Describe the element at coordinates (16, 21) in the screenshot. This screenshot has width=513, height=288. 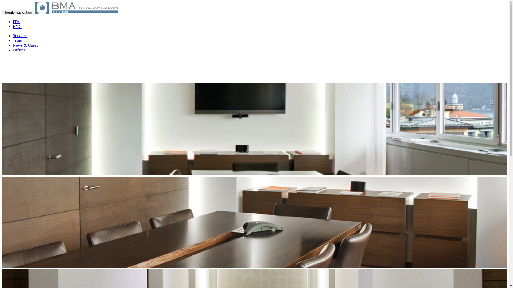
I see `'ITA'` at that location.